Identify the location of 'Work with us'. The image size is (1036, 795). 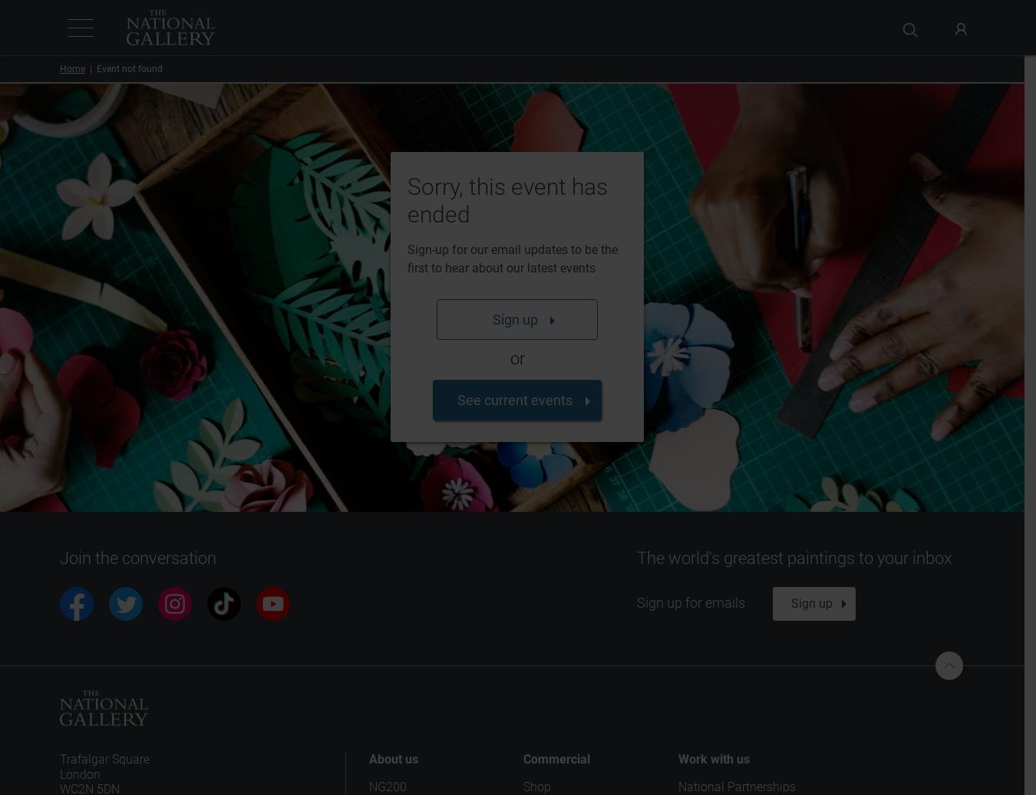
(713, 759).